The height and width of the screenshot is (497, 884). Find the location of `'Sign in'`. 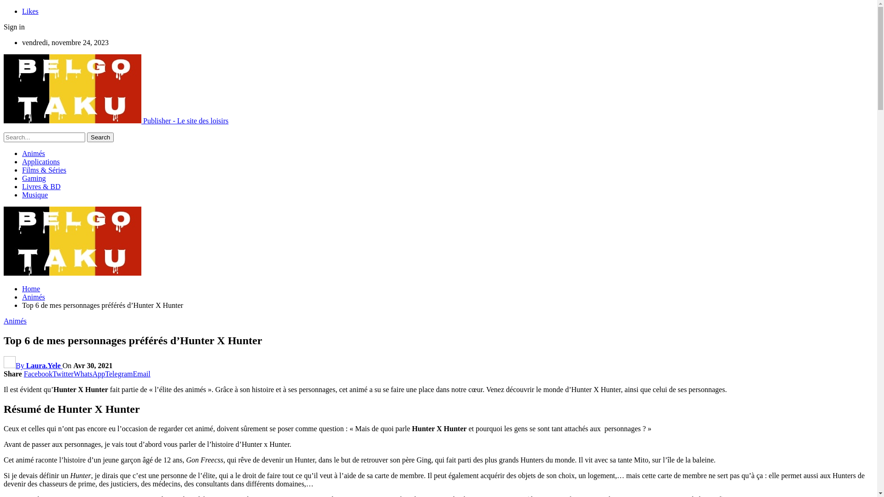

'Sign in' is located at coordinates (14, 26).